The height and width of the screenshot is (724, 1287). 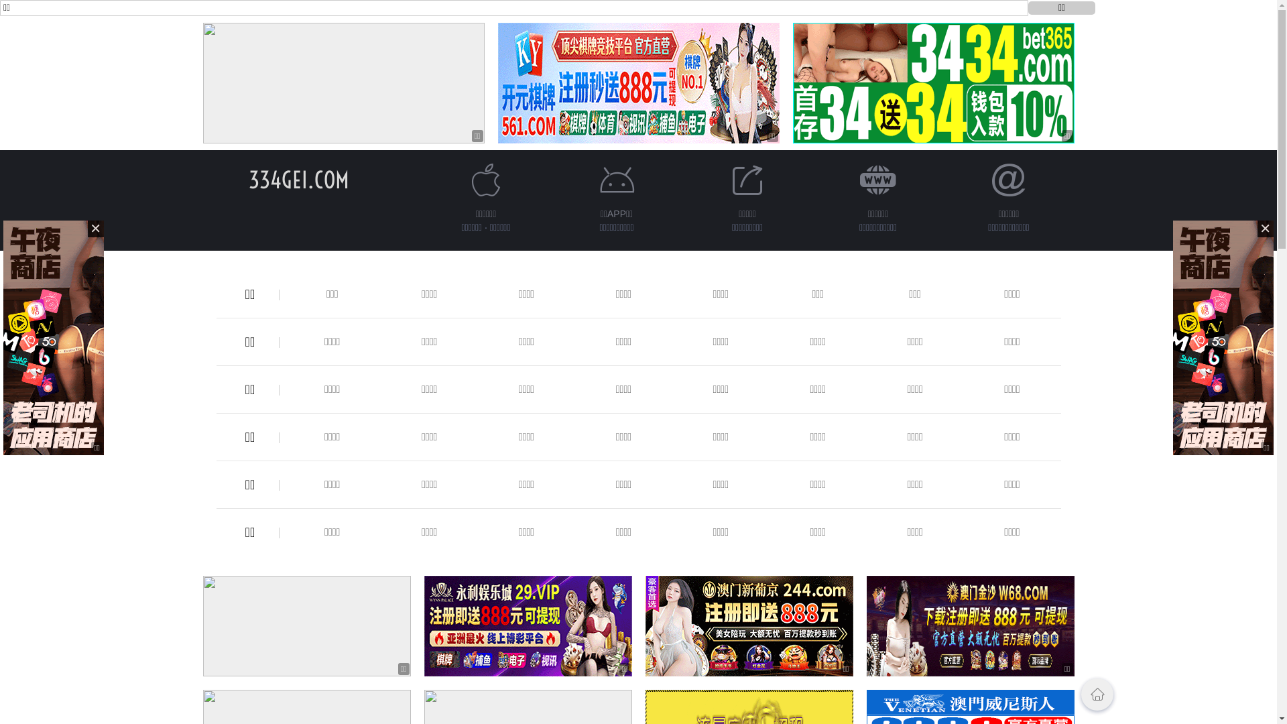 What do you see at coordinates (298, 179) in the screenshot?
I see `'334GEI.COM'` at bounding box center [298, 179].